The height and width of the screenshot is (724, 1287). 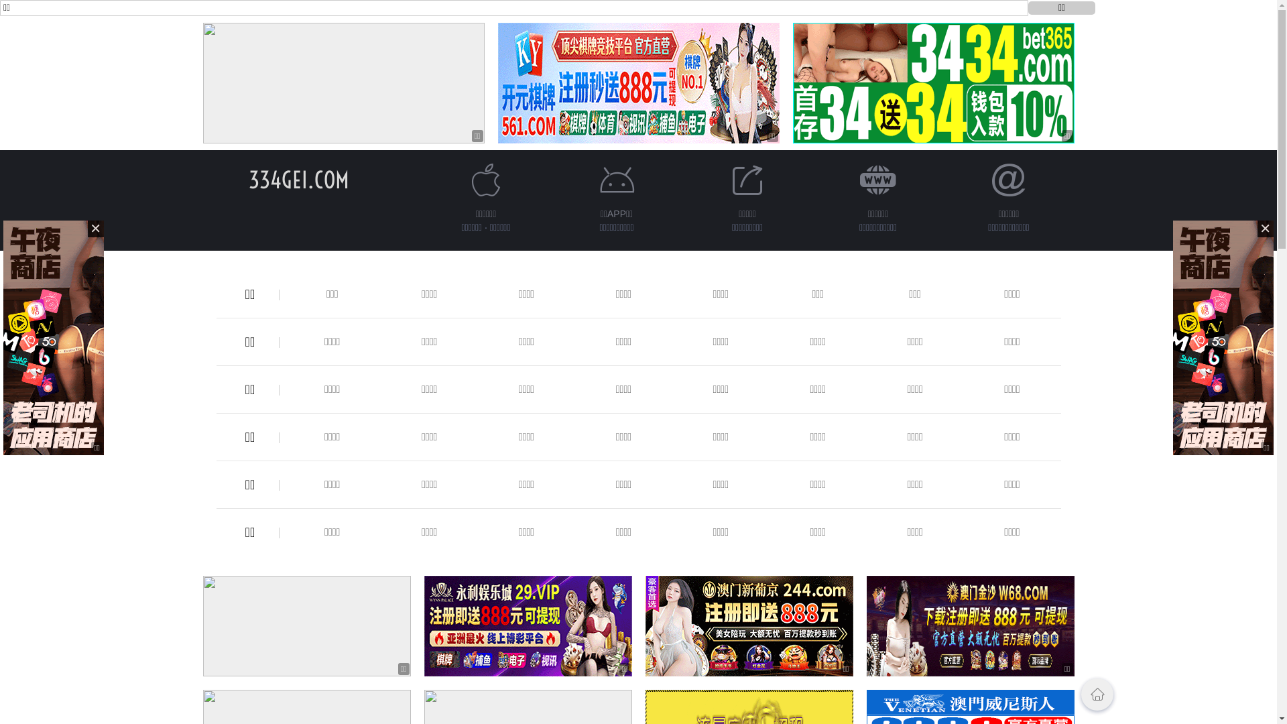 What do you see at coordinates (298, 179) in the screenshot?
I see `'334GEI.COM'` at bounding box center [298, 179].